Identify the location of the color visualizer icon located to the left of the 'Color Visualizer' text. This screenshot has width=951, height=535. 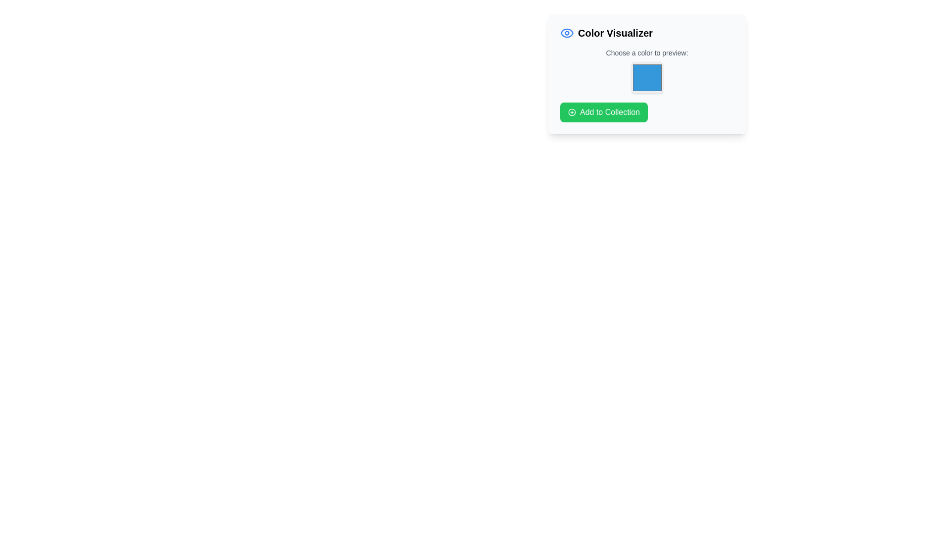
(567, 32).